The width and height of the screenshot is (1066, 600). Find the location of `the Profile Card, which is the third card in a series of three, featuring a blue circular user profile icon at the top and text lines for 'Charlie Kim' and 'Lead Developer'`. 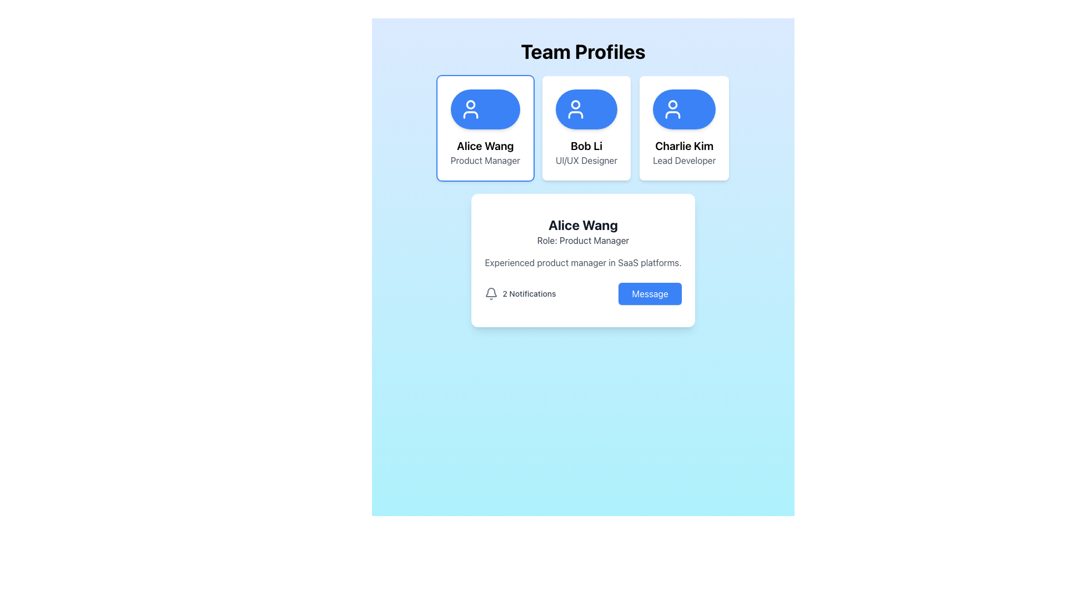

the Profile Card, which is the third card in a series of three, featuring a blue circular user profile icon at the top and text lines for 'Charlie Kim' and 'Lead Developer' is located at coordinates (683, 128).